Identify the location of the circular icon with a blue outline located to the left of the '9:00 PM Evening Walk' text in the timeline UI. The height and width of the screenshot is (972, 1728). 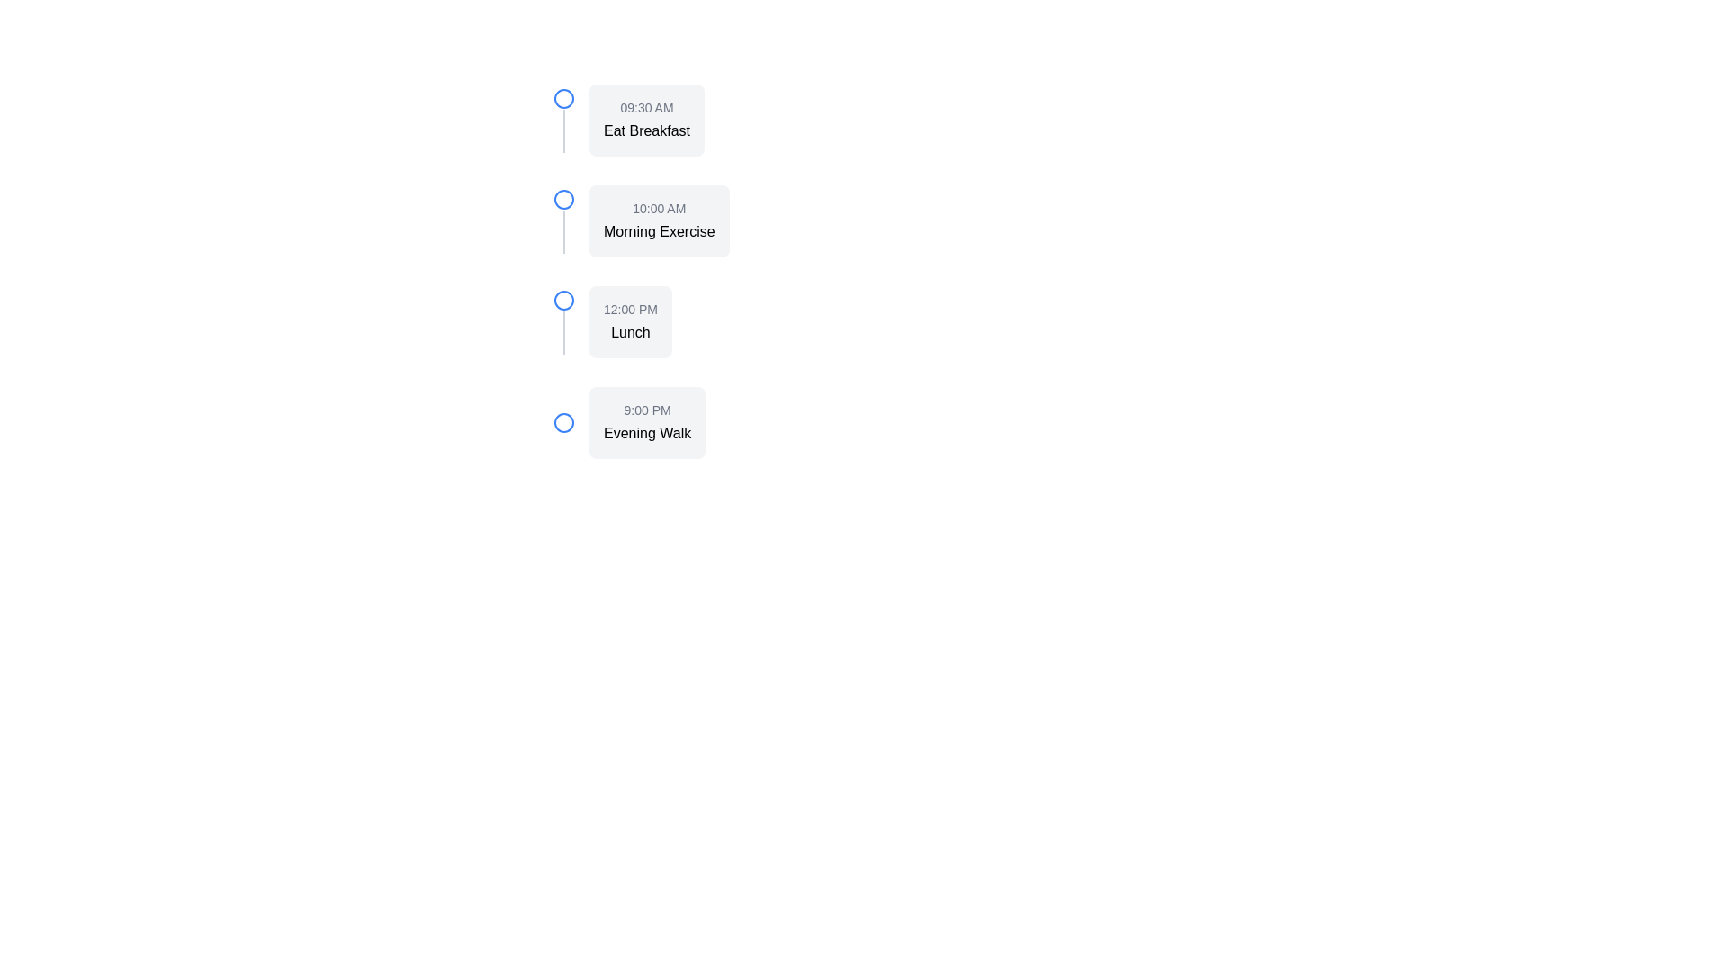
(563, 423).